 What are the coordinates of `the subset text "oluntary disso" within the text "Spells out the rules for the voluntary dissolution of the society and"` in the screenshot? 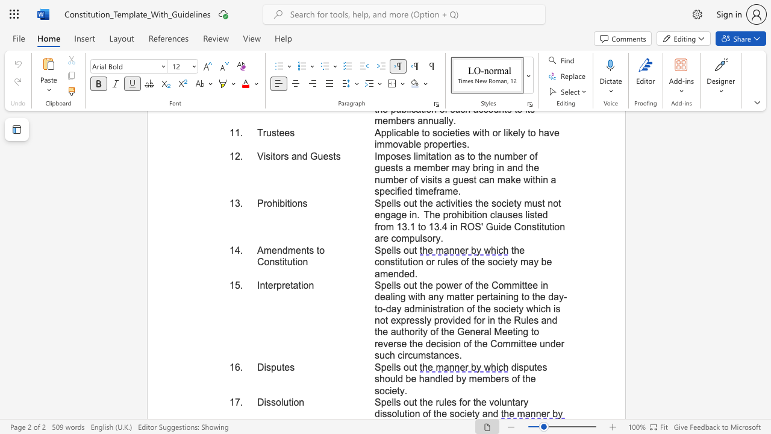 It's located at (494, 402).